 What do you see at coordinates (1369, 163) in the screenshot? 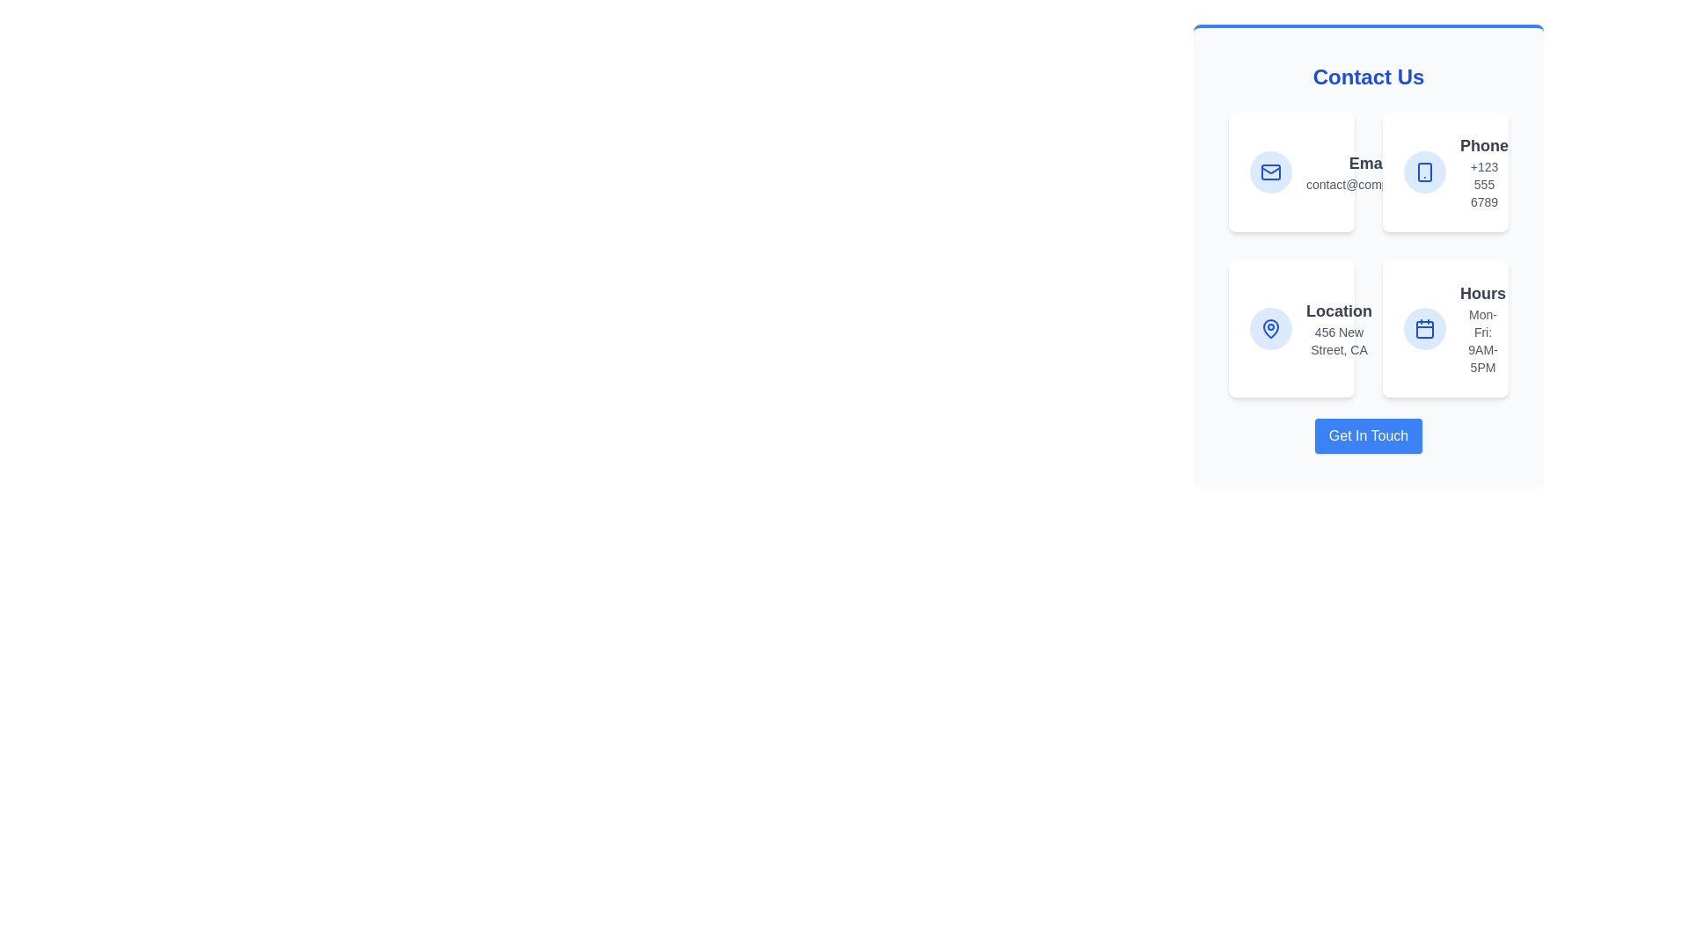
I see `'Email' text label located in the upper left quadrant of the 'Contact Us' section, styled in large, bold dark gray font, positioned above the email address element` at bounding box center [1369, 163].